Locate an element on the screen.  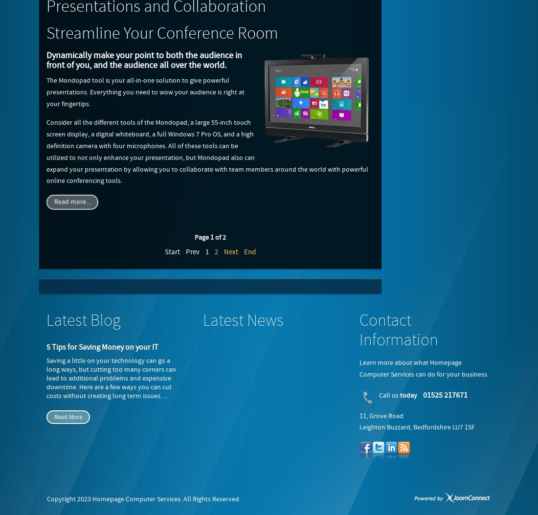
'Prev' is located at coordinates (186, 252).